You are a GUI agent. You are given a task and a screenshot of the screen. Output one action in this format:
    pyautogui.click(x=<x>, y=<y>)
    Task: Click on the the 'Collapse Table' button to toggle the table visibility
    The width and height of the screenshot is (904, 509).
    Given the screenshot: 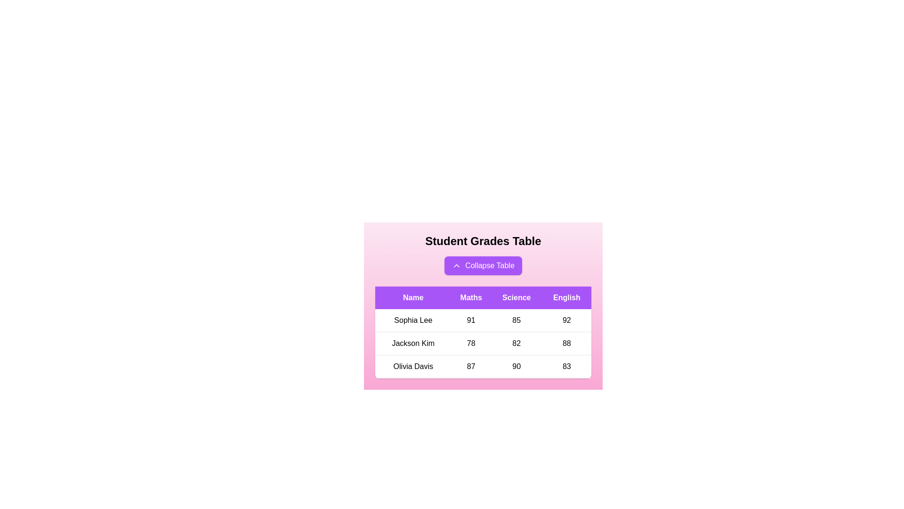 What is the action you would take?
    pyautogui.click(x=483, y=265)
    